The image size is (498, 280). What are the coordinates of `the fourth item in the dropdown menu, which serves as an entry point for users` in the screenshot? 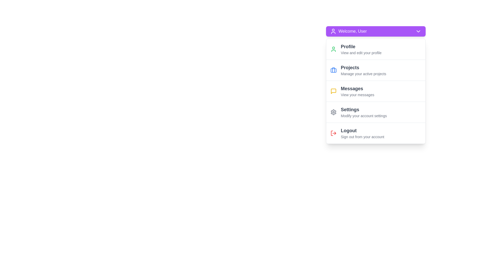 It's located at (376, 112).